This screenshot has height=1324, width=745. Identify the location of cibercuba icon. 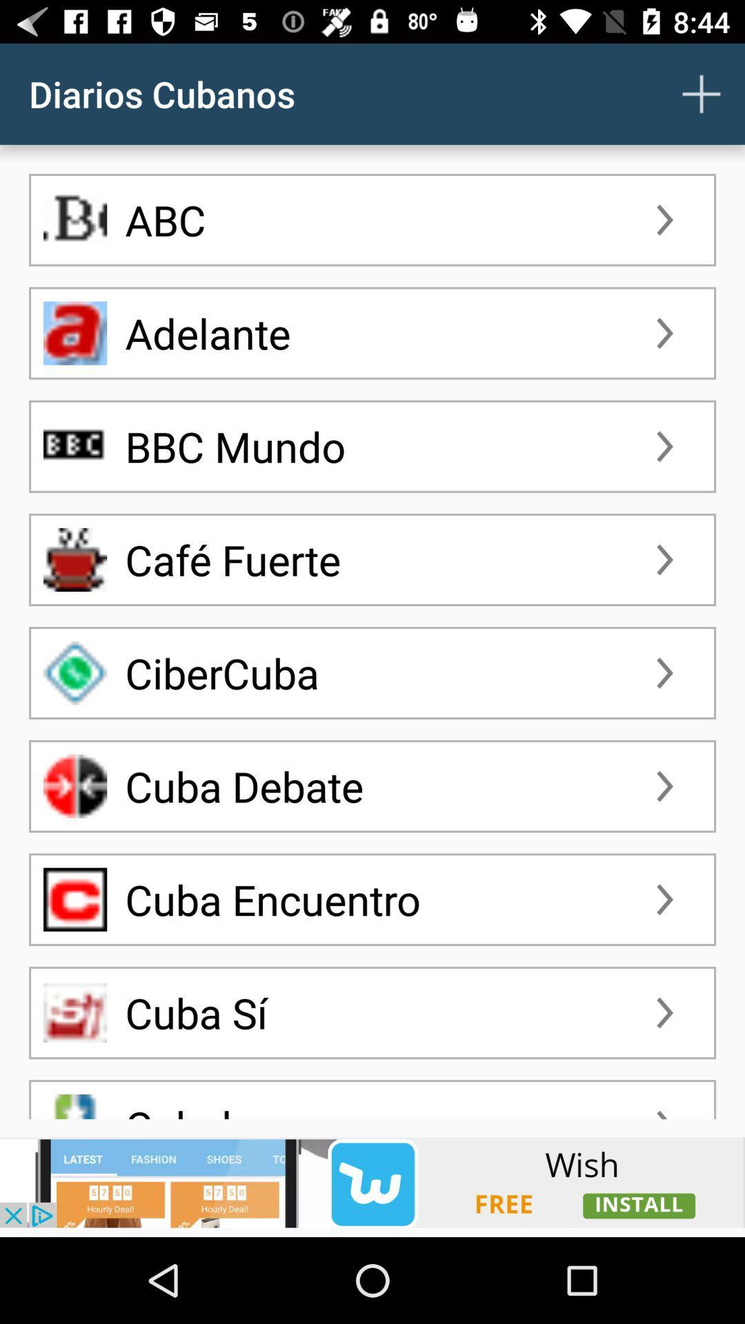
(74, 672).